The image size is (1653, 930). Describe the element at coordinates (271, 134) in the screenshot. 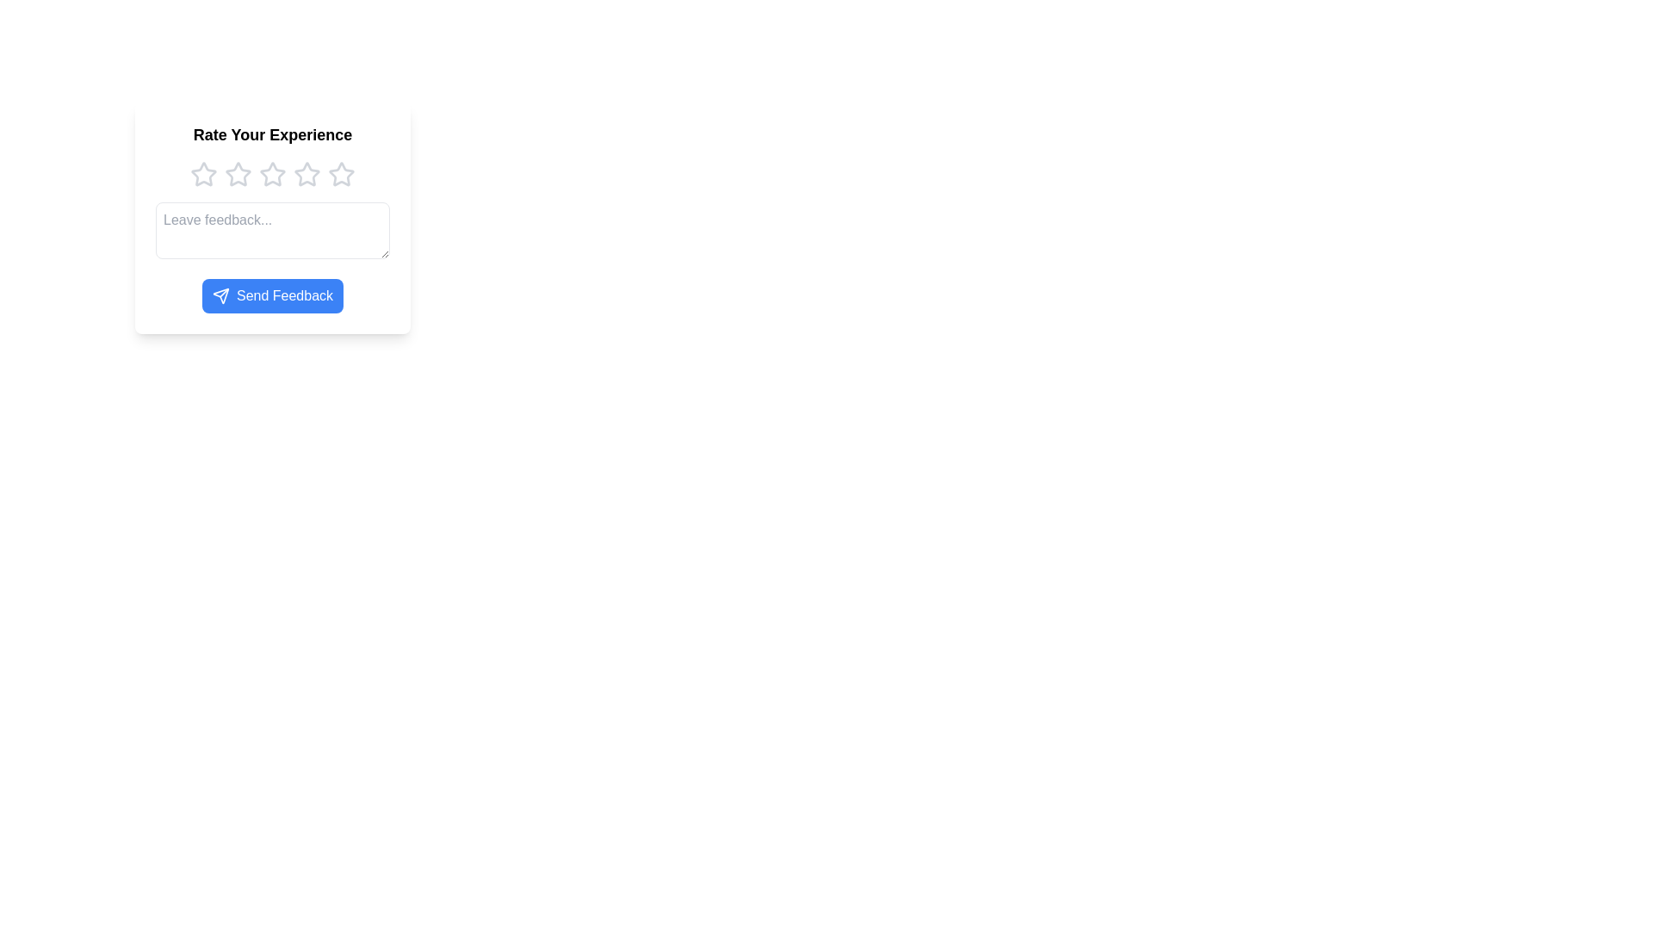

I see `header text located at the top of the feedback widget, which serves as an introduction for users before they rate their experience` at that location.